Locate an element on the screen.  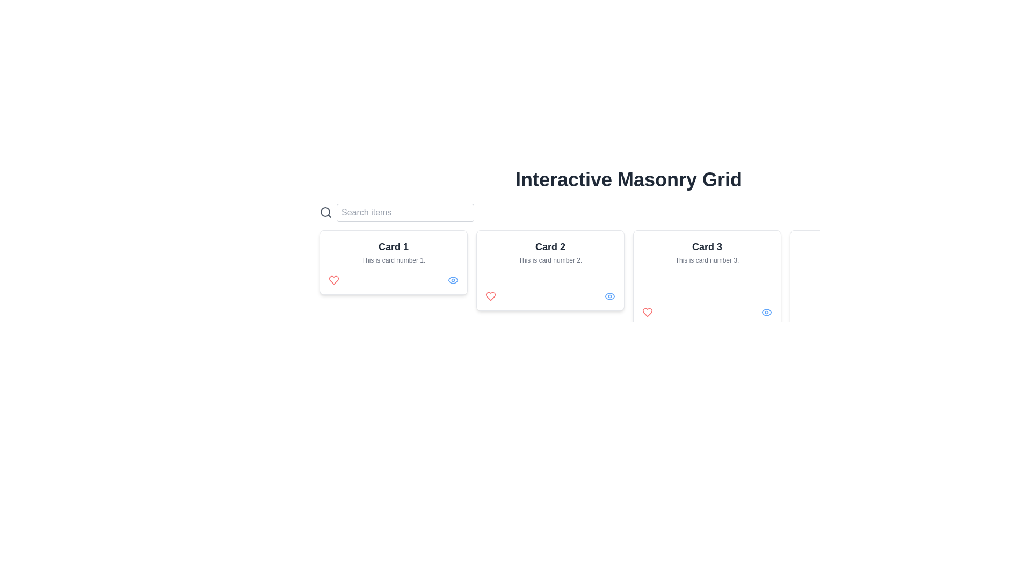
the button located in the bottom-right corner of 'Card 1', positioned to the right of the heart-shaped icon, to trigger a tooltip or hover effect is located at coordinates (453, 279).